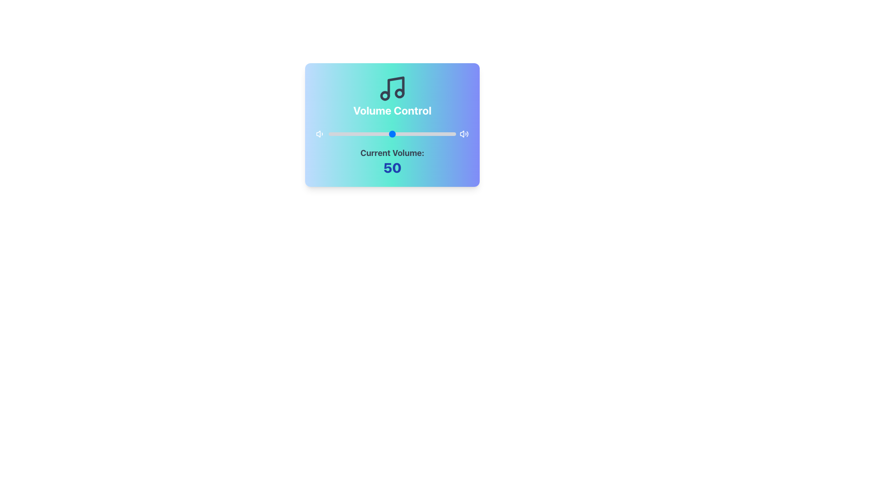 This screenshot has height=491, width=873. I want to click on the volume, so click(423, 134).